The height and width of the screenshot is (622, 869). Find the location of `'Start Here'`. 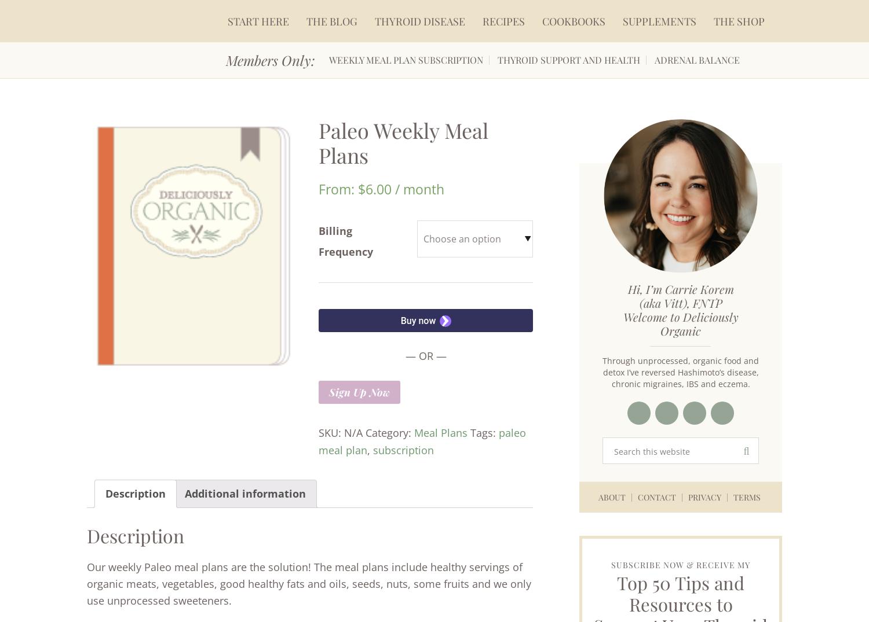

'Start Here' is located at coordinates (257, 20).